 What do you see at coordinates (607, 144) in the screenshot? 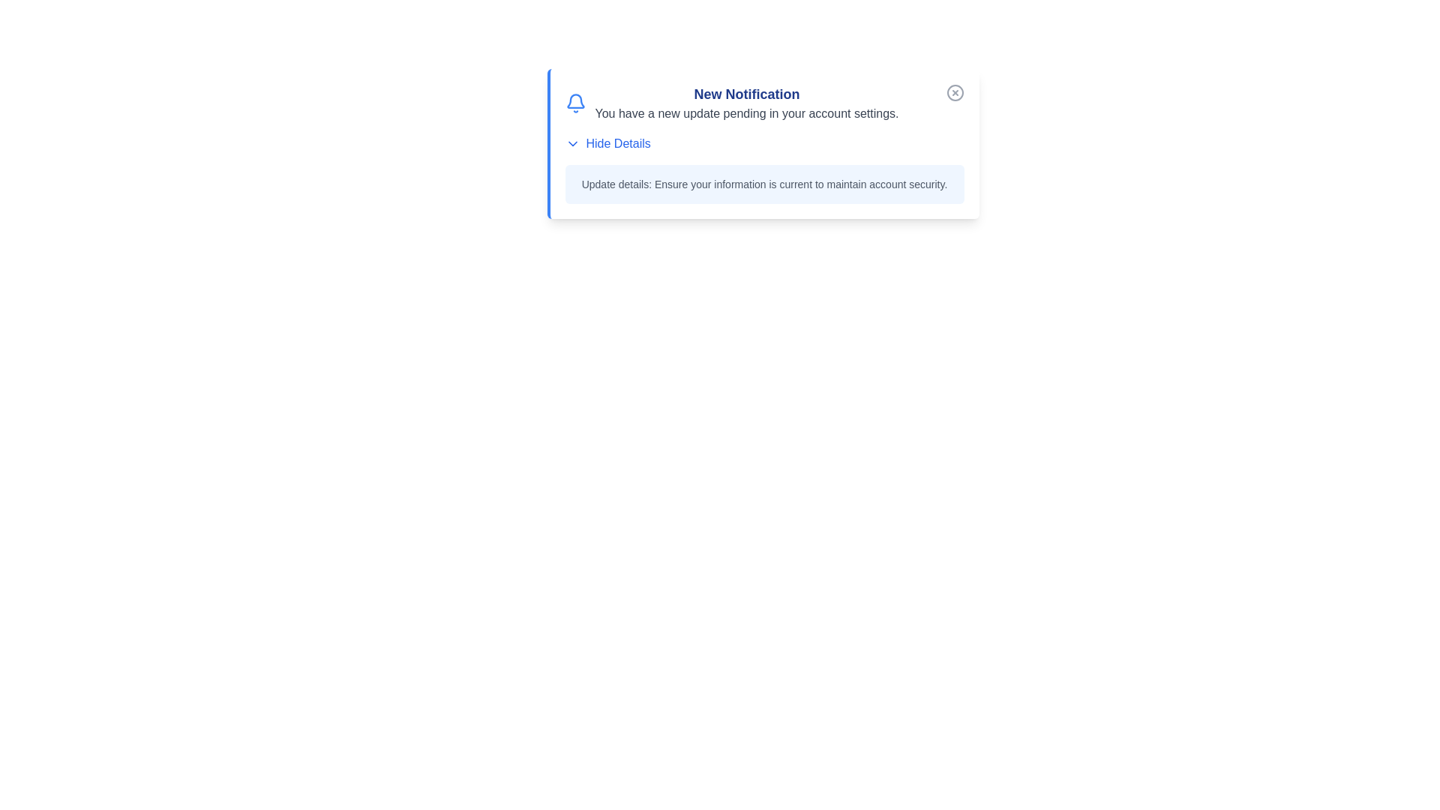
I see `the 'Hide Details' hyperlink-like interactive text with a downward-pointing chevron icon` at bounding box center [607, 144].